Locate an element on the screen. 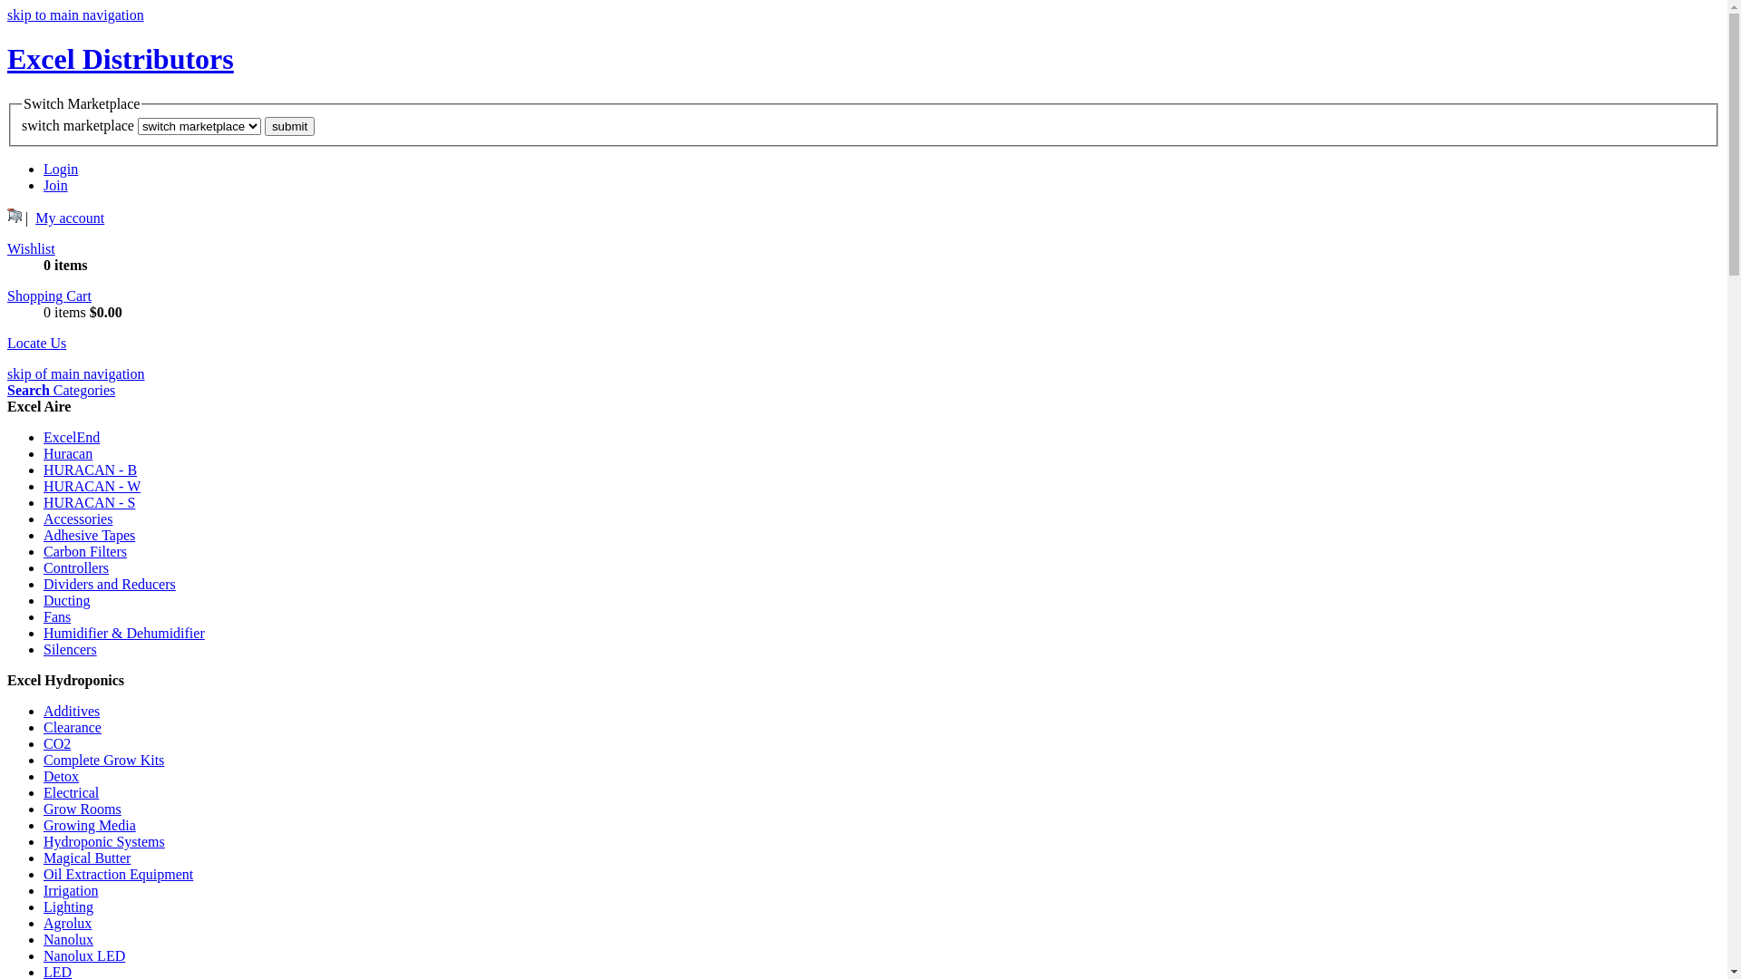  'Locate Us' is located at coordinates (36, 343).